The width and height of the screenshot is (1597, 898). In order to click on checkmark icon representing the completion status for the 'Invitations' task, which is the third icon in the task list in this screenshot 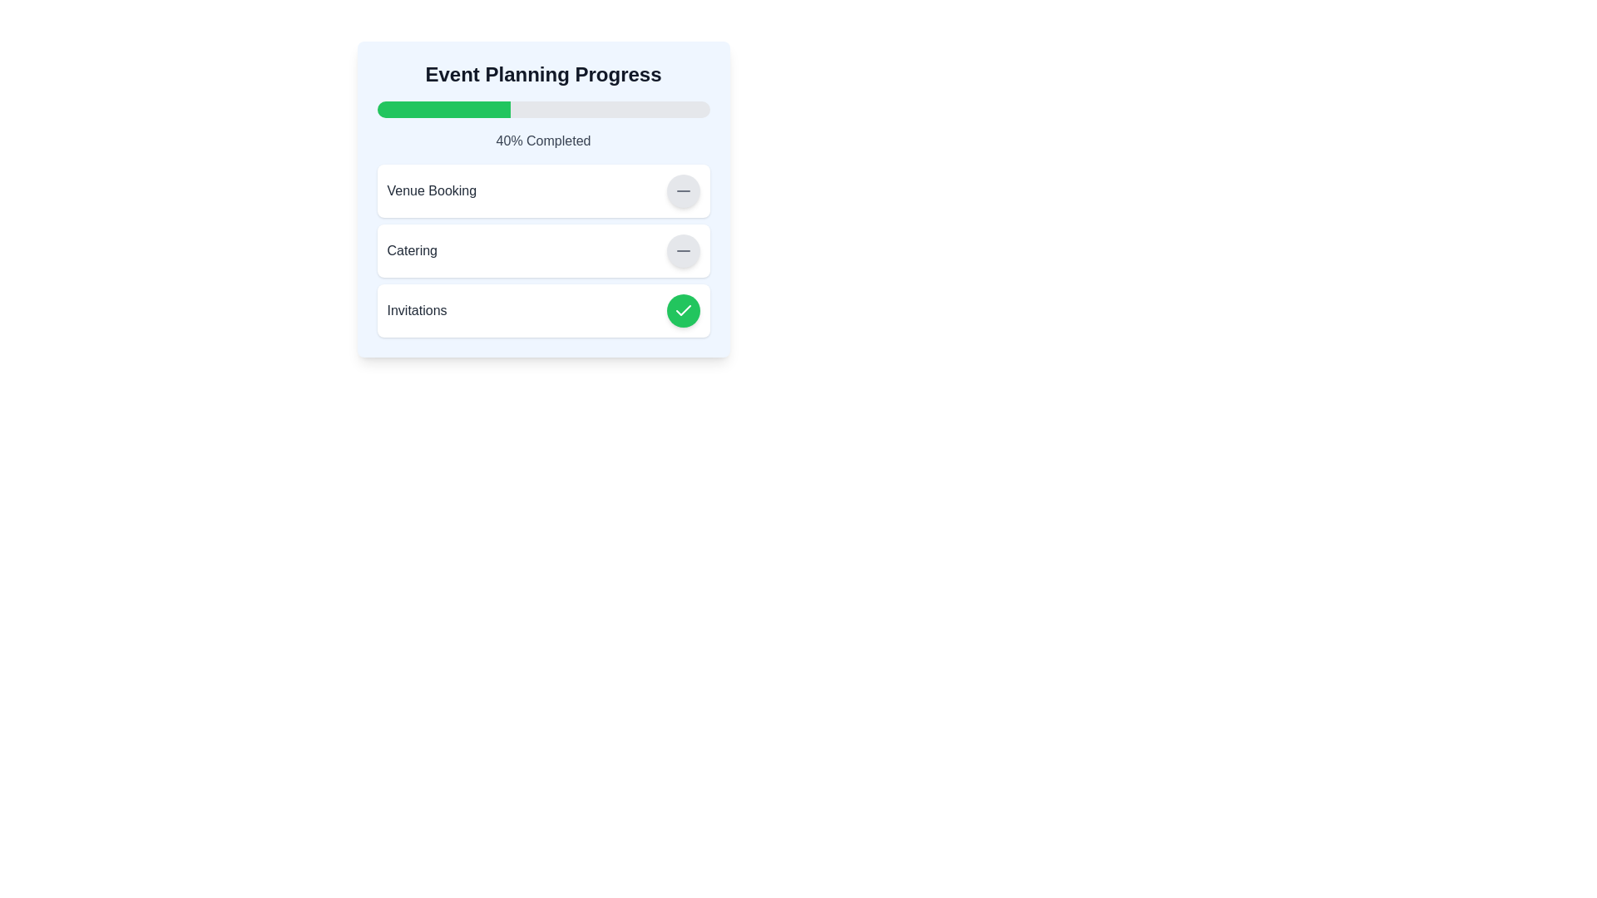, I will do `click(683, 310)`.